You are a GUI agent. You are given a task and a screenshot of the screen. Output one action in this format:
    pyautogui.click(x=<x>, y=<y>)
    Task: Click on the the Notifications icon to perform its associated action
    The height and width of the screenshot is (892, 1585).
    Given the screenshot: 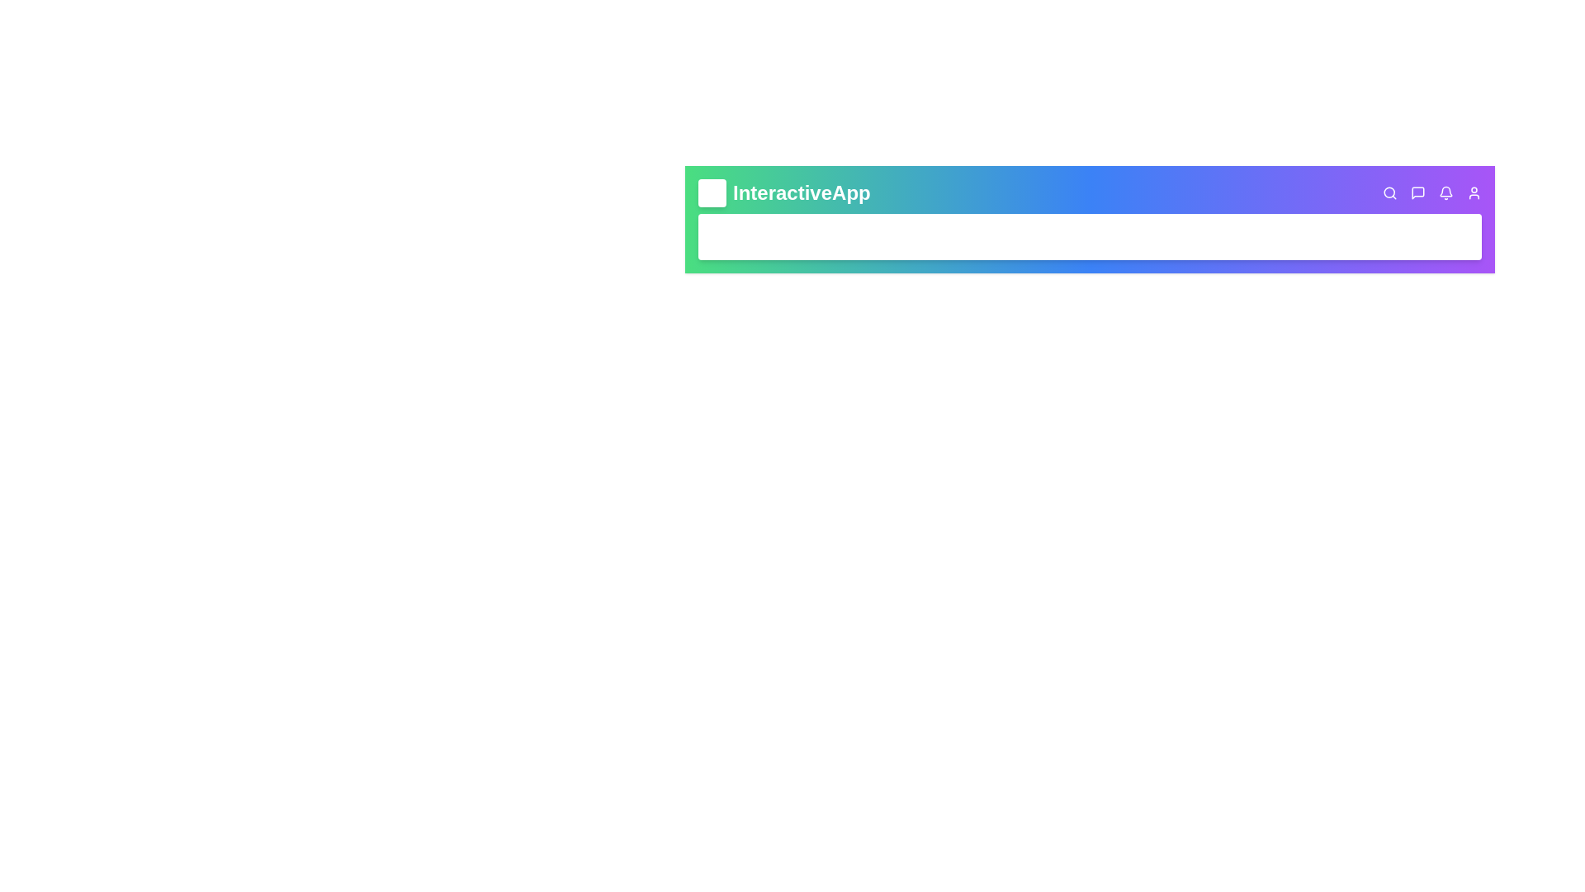 What is the action you would take?
    pyautogui.click(x=1445, y=192)
    